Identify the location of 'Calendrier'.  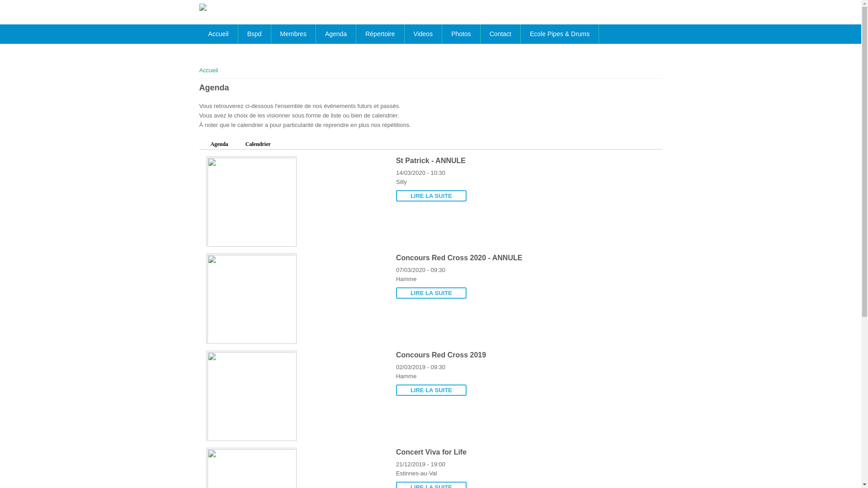
(258, 144).